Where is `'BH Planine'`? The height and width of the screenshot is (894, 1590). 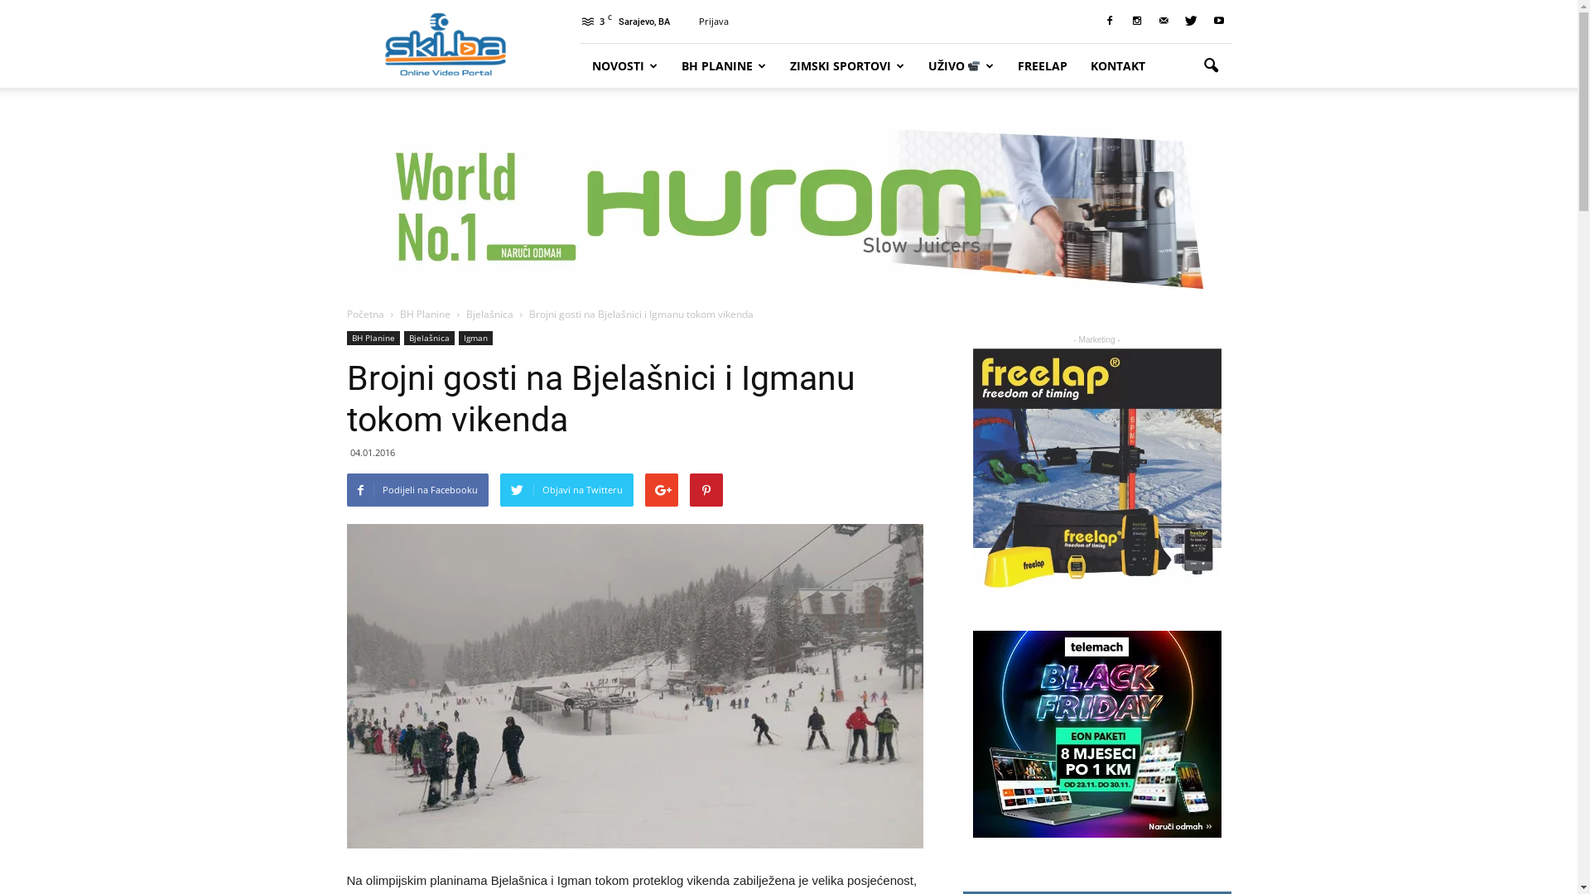 'BH Planine' is located at coordinates (425, 314).